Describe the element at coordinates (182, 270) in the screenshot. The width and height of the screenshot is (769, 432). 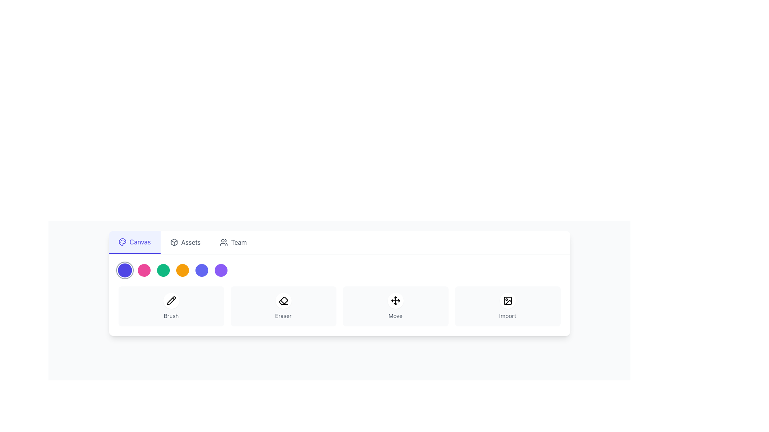
I see `the fourth circular button in a horizontal sequence of six buttons located` at that location.